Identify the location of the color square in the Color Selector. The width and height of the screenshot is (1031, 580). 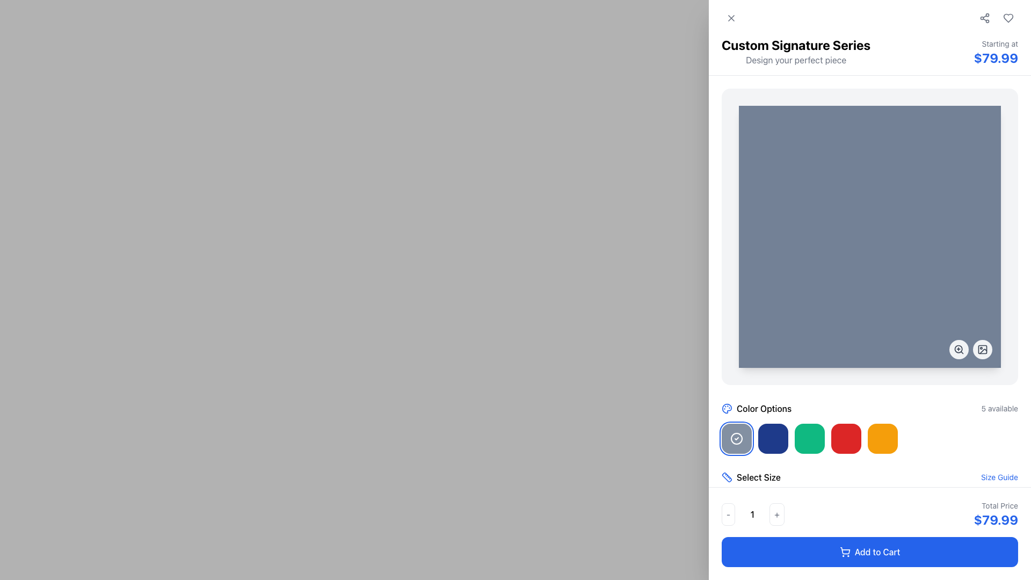
(870, 427).